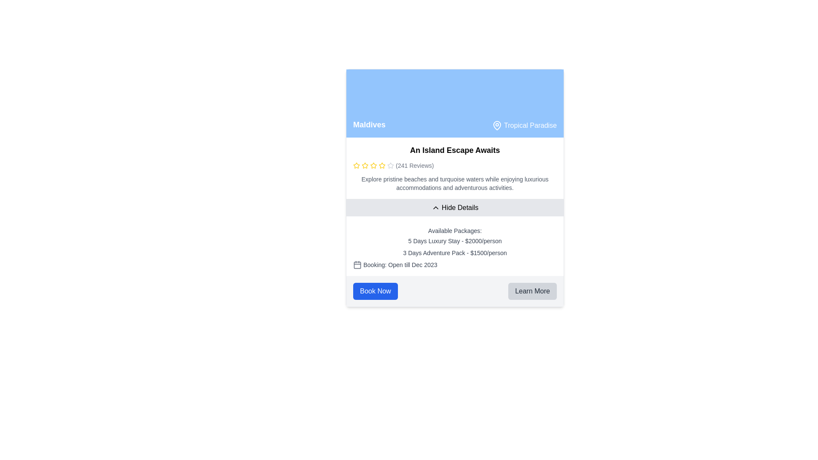 The width and height of the screenshot is (818, 460). I want to click on the icon representing the location or destination adjacent to the text 'Tropical Paradise' at the top of the card, so click(497, 125).